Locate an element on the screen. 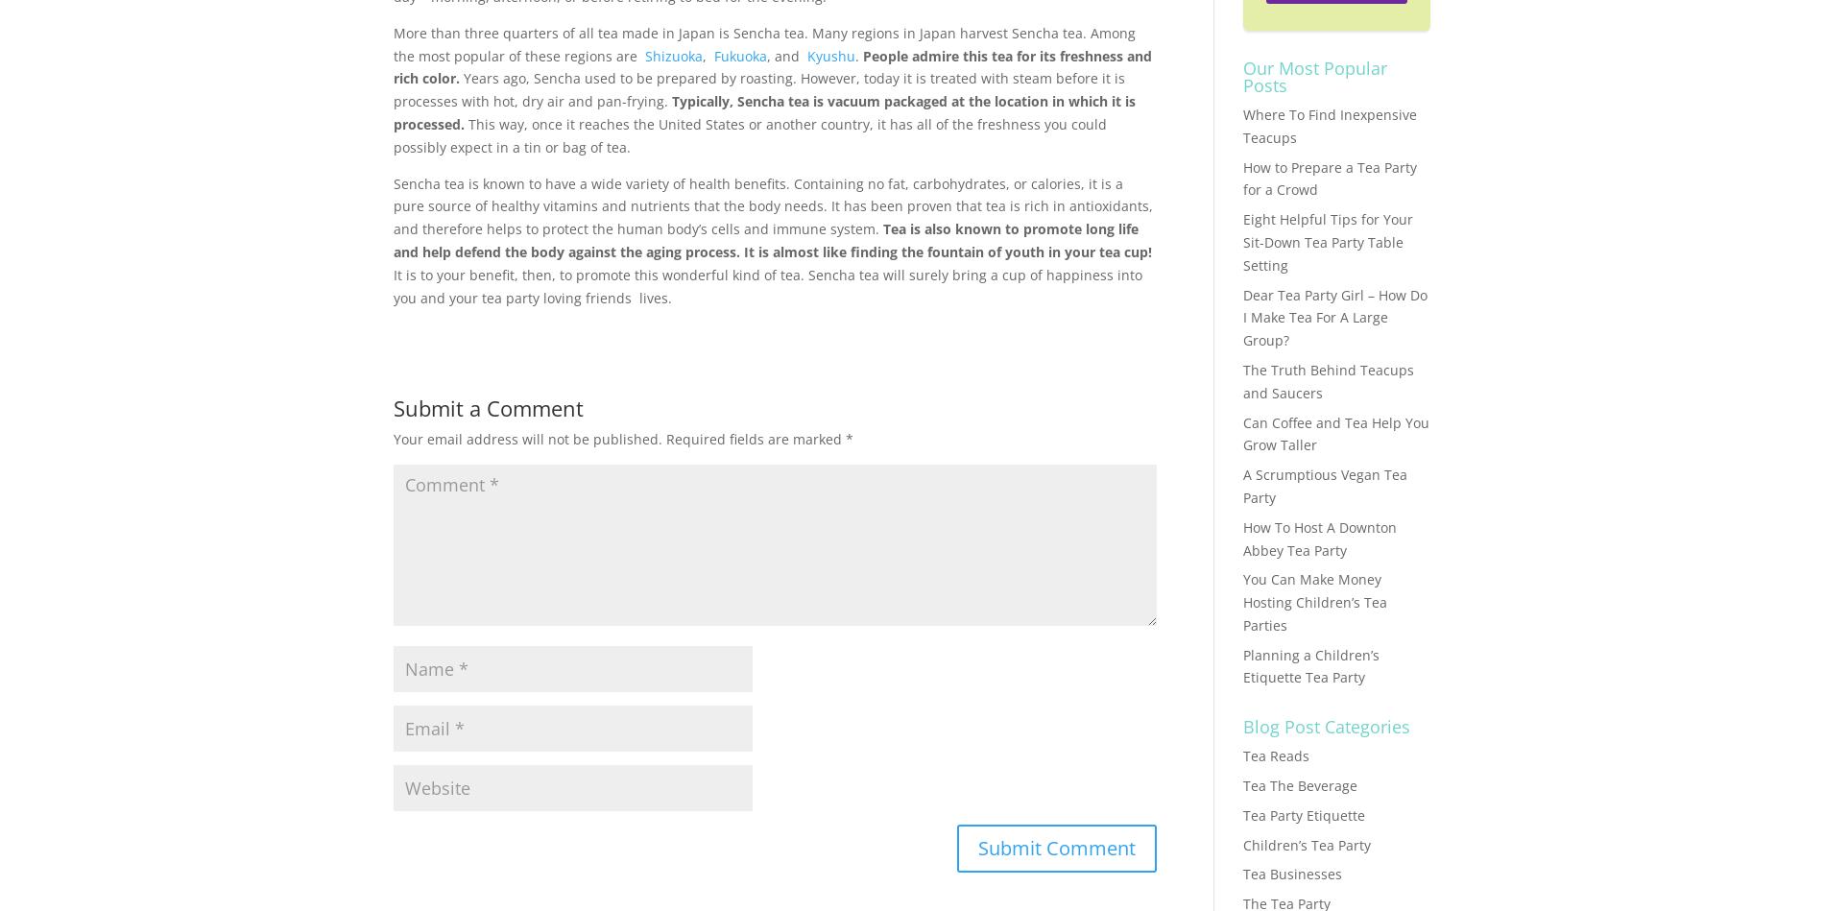 This screenshot has width=1824, height=911. ',' is located at coordinates (707, 55).